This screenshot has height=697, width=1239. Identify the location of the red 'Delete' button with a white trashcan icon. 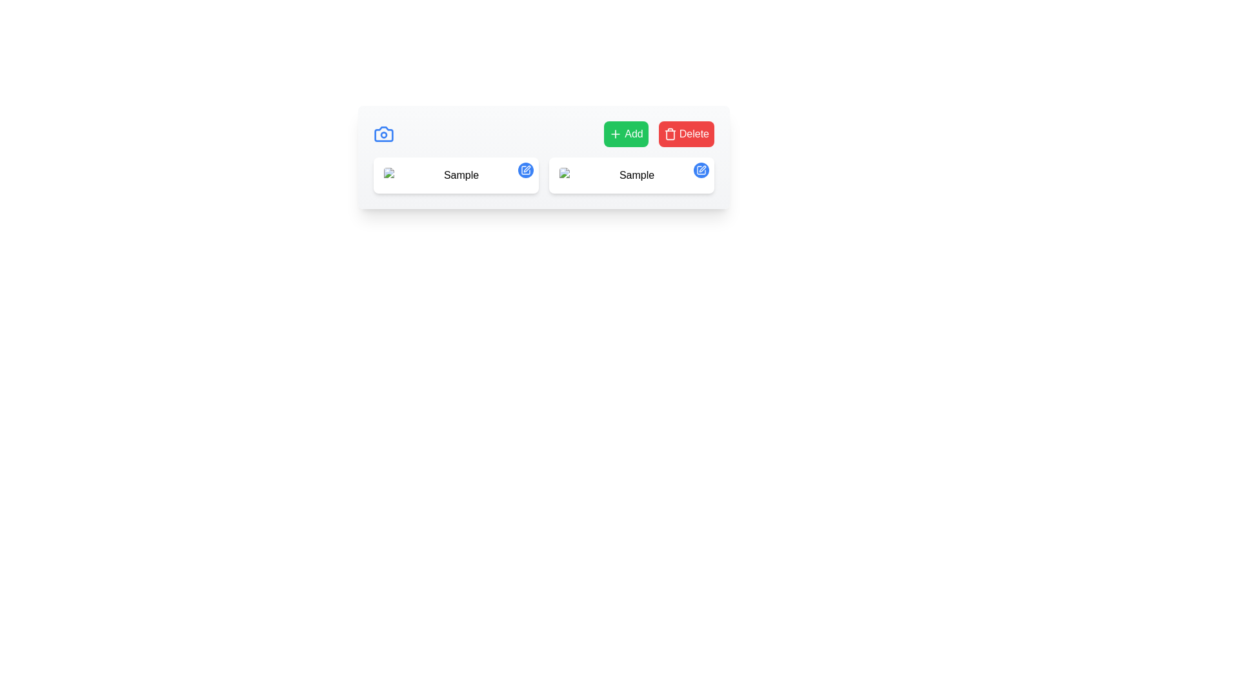
(685, 134).